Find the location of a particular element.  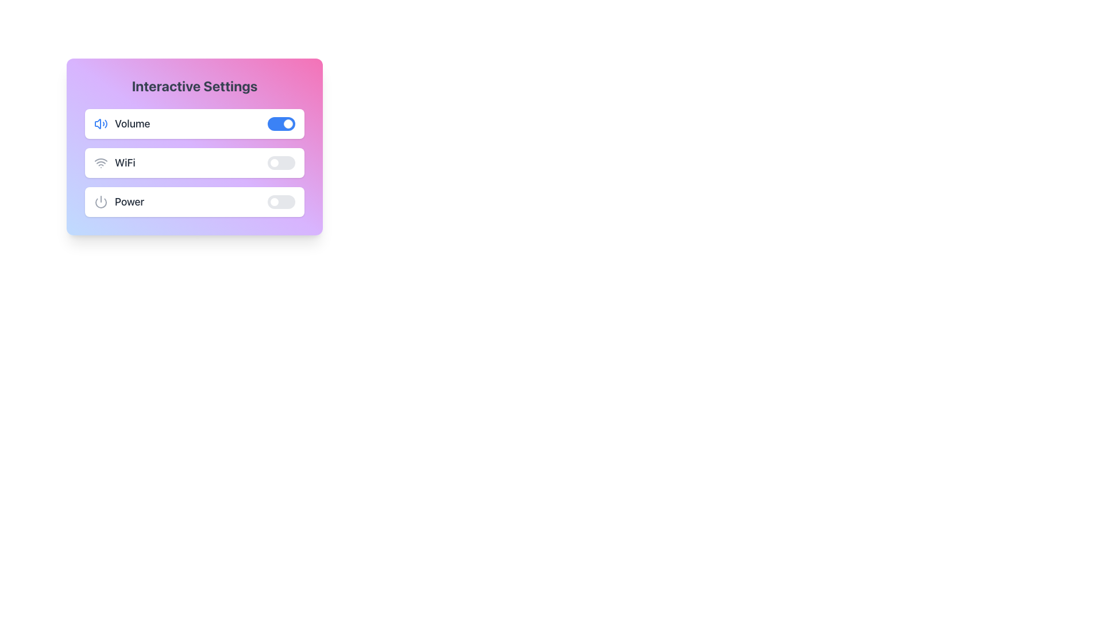

the text label for WiFi settings, which is located in the middle of the second row of the card, positioned to the right of the WiFi icon and to the left of the toggle switch is located at coordinates (125, 163).